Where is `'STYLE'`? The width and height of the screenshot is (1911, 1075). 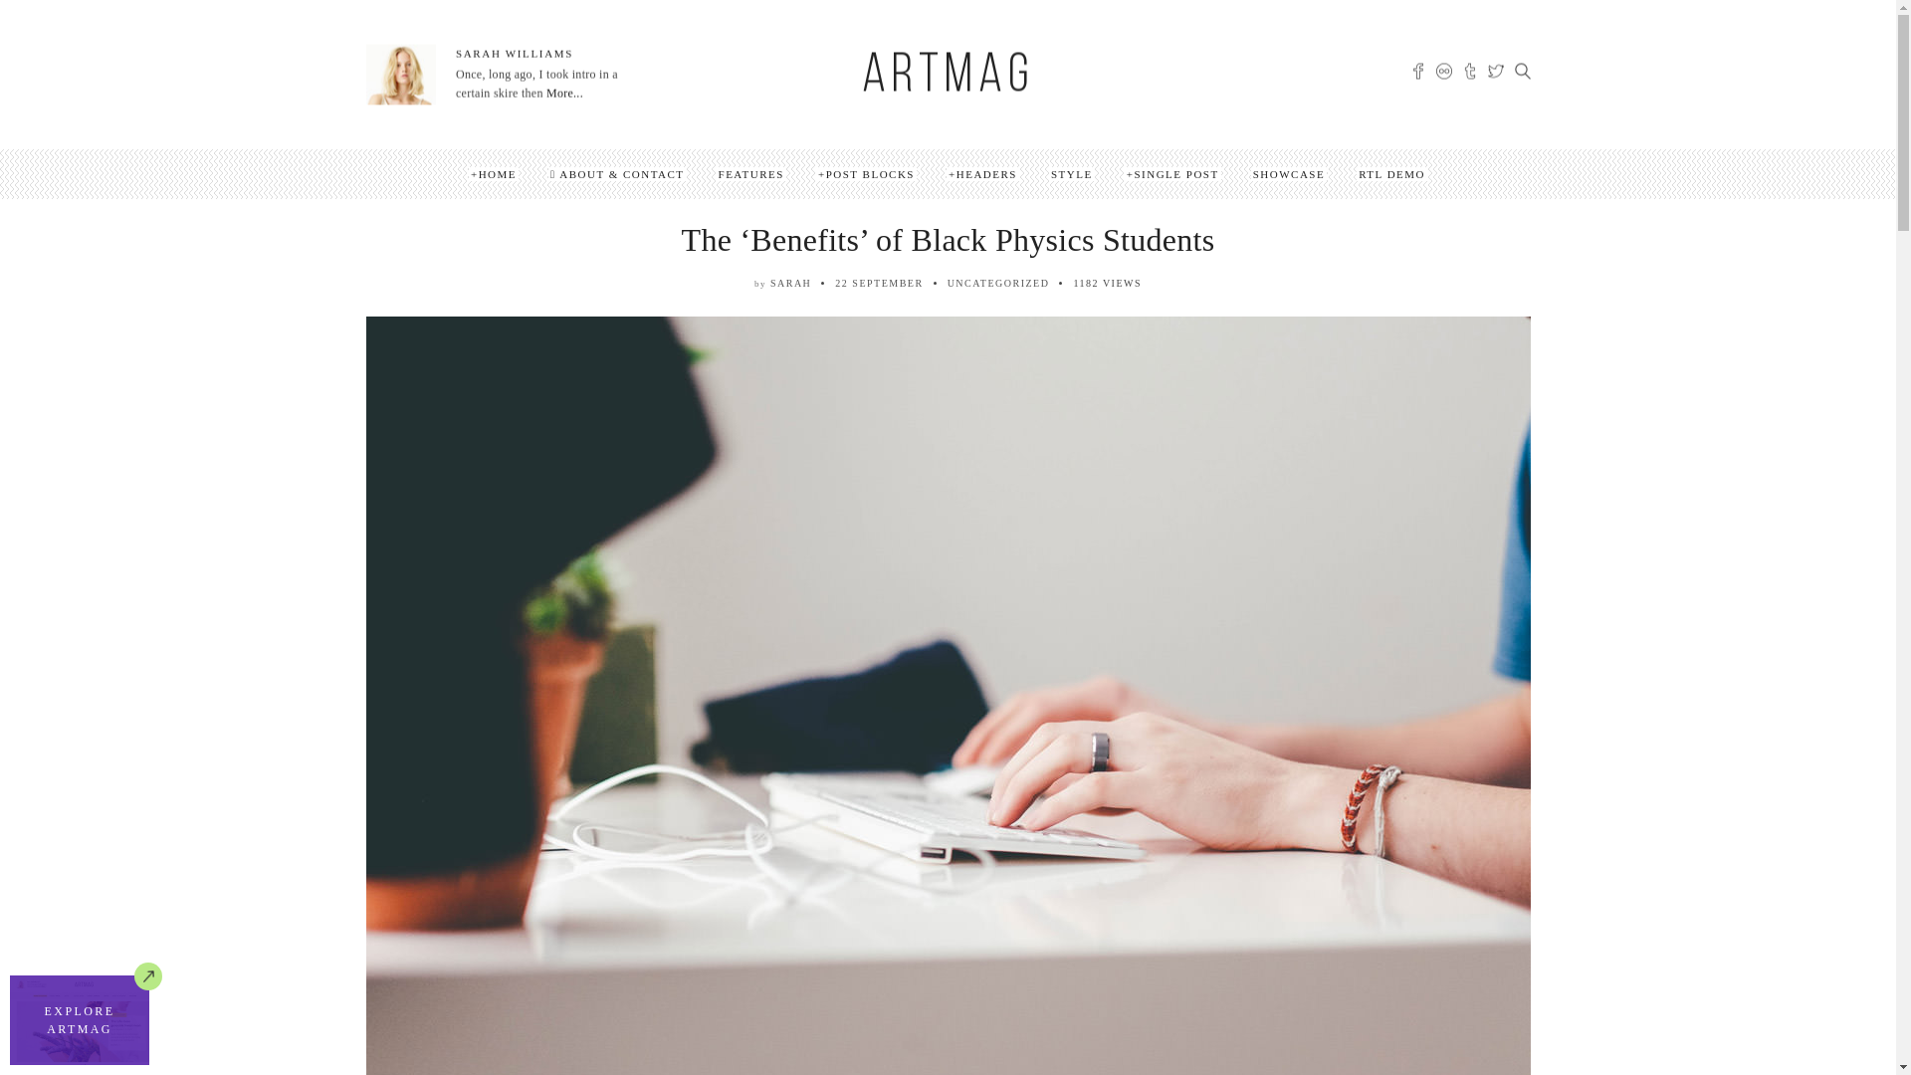 'STYLE' is located at coordinates (1070, 172).